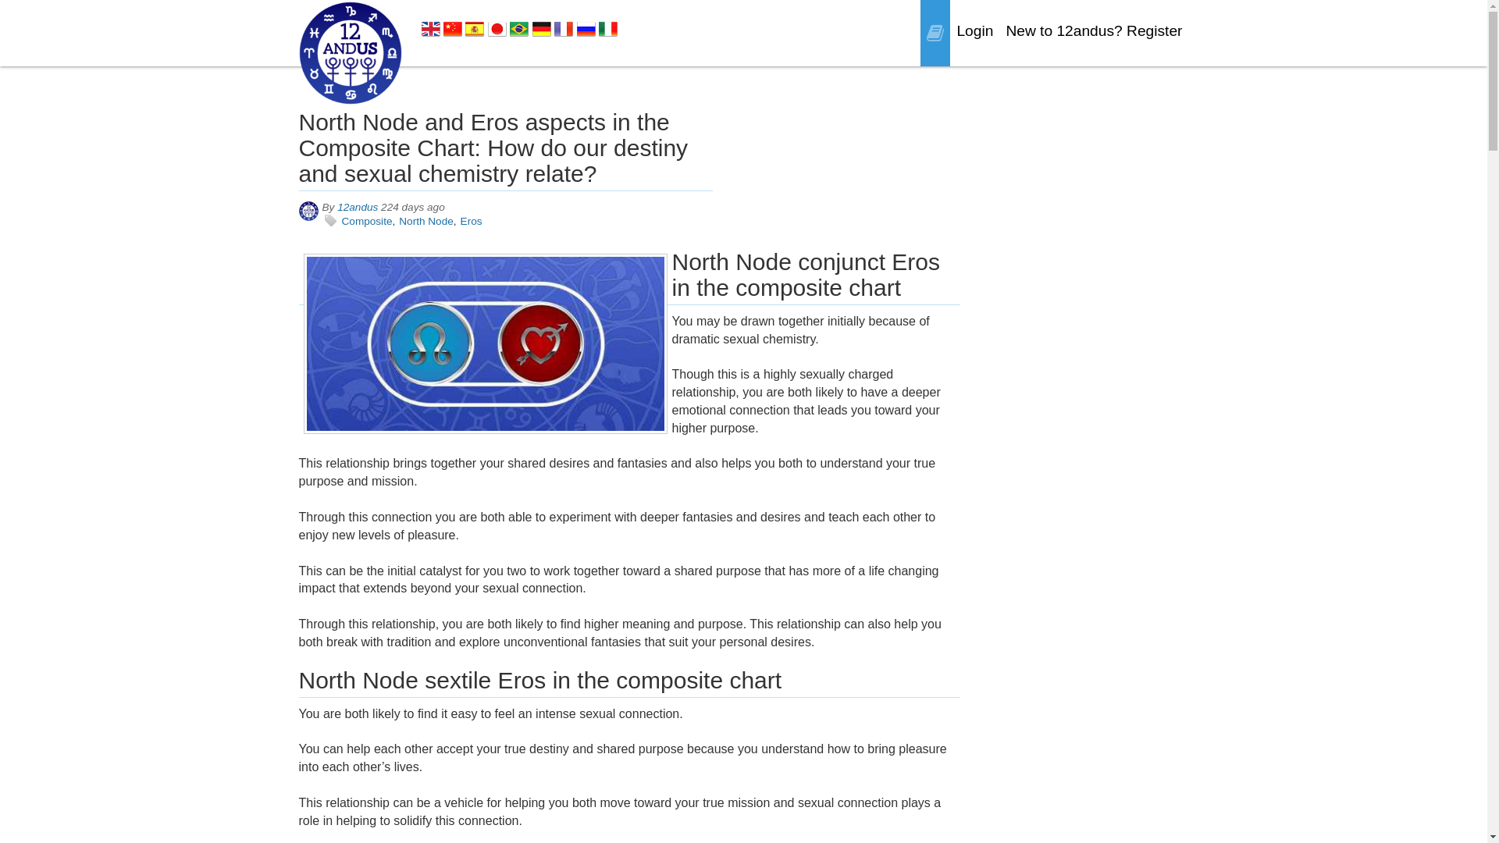  I want to click on 'Login', so click(974, 30).